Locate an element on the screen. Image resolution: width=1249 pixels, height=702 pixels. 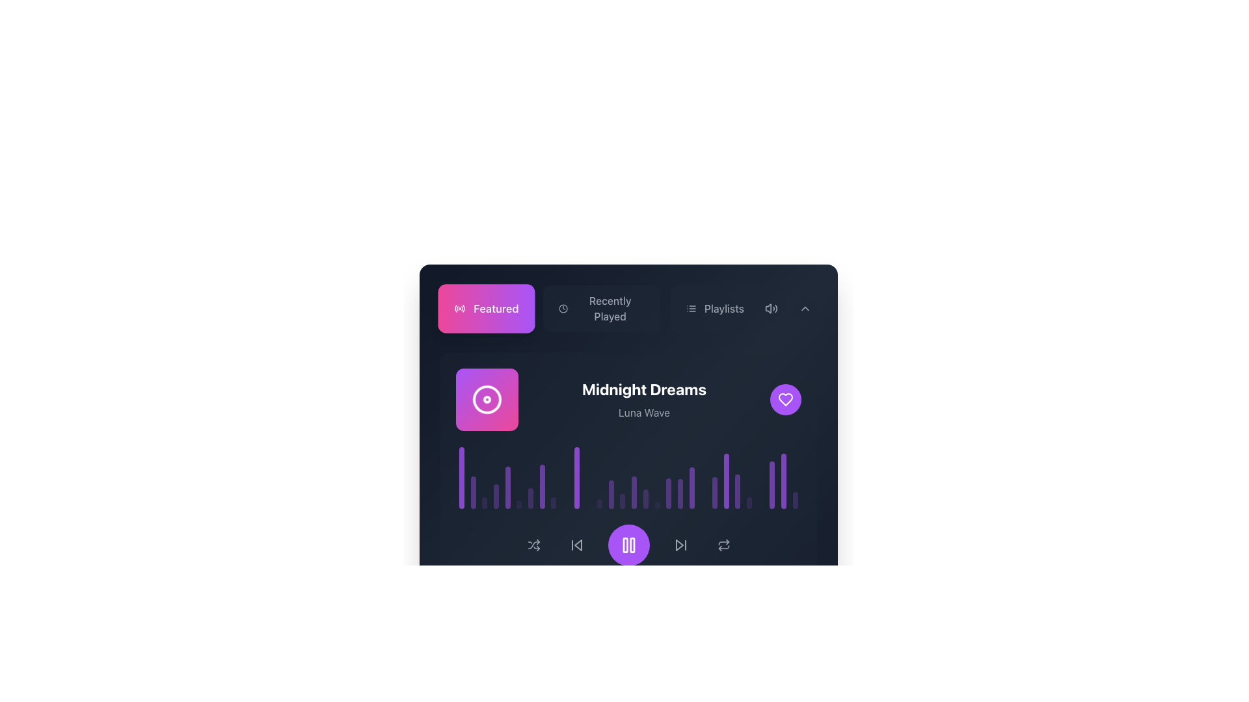
the icon button with a loop-like design and gray tone is located at coordinates (723, 545).